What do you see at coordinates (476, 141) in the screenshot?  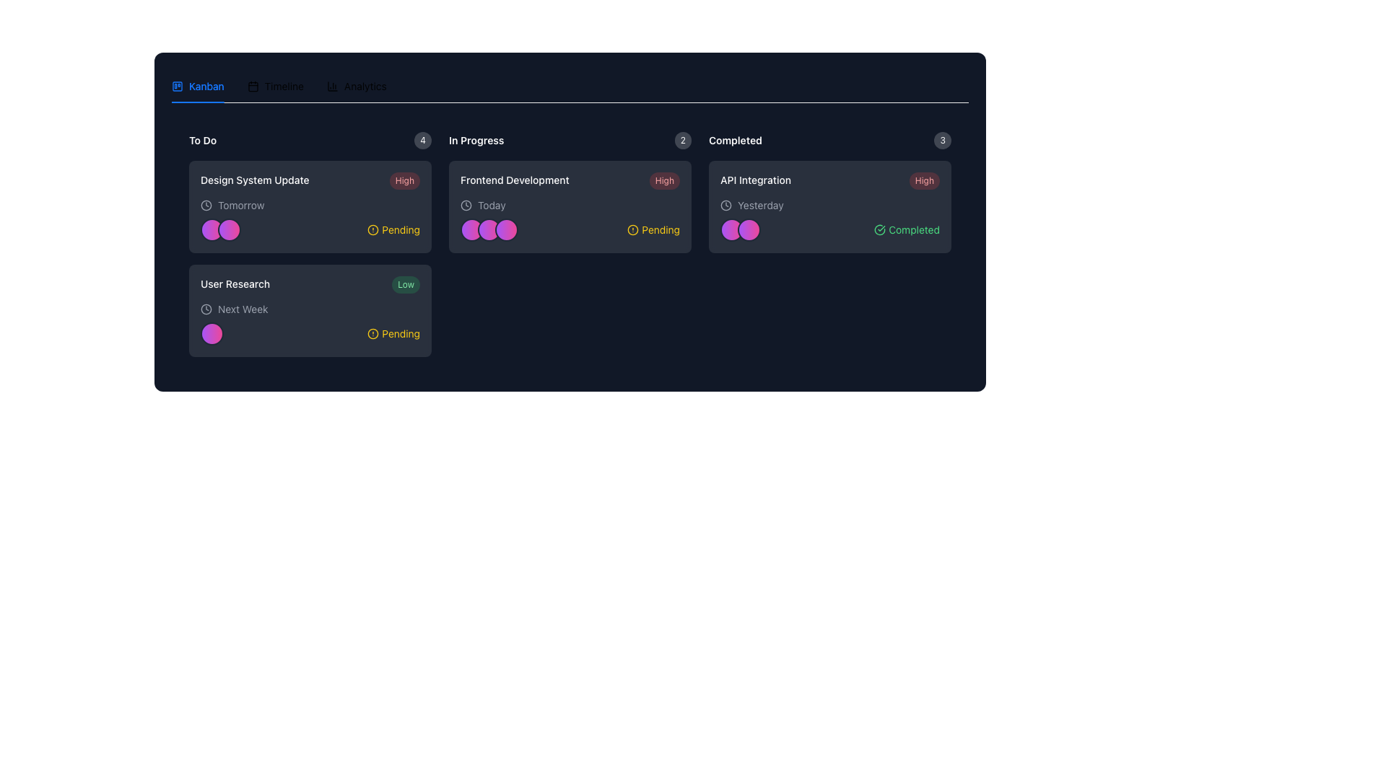 I see `the text label displaying 'In Progress' in bold white font, located in the 'In Progress' column of the main section` at bounding box center [476, 141].